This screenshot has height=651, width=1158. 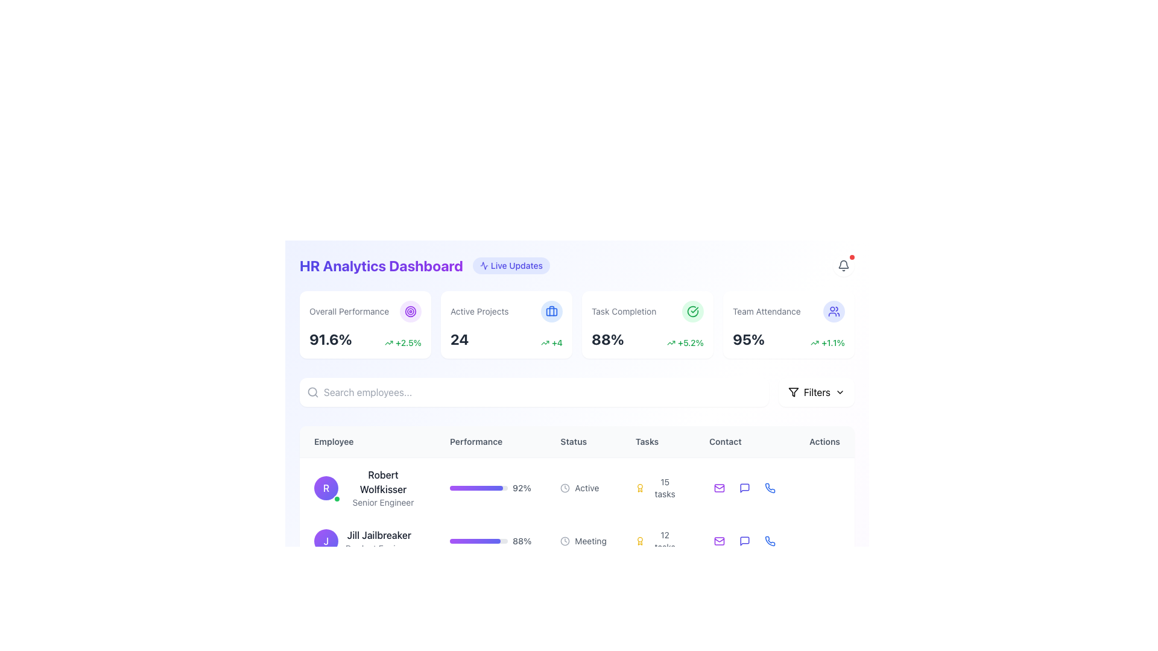 What do you see at coordinates (490, 488) in the screenshot?
I see `the progress bar indicating Robert Wolfkisser's performance percentage in the first row of the employee data section` at bounding box center [490, 488].